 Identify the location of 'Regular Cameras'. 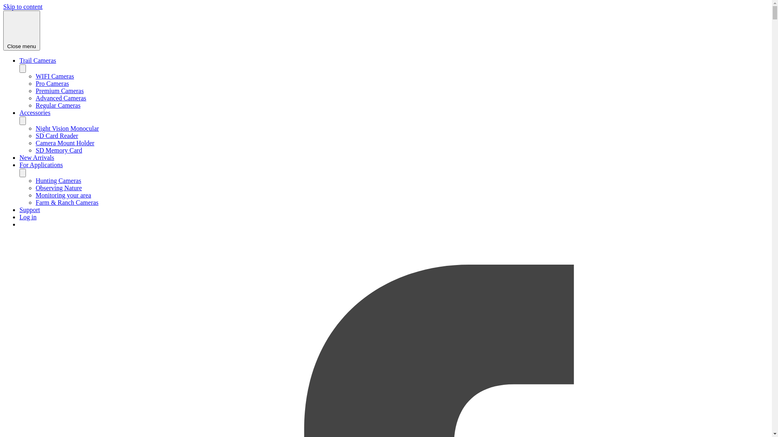
(58, 105).